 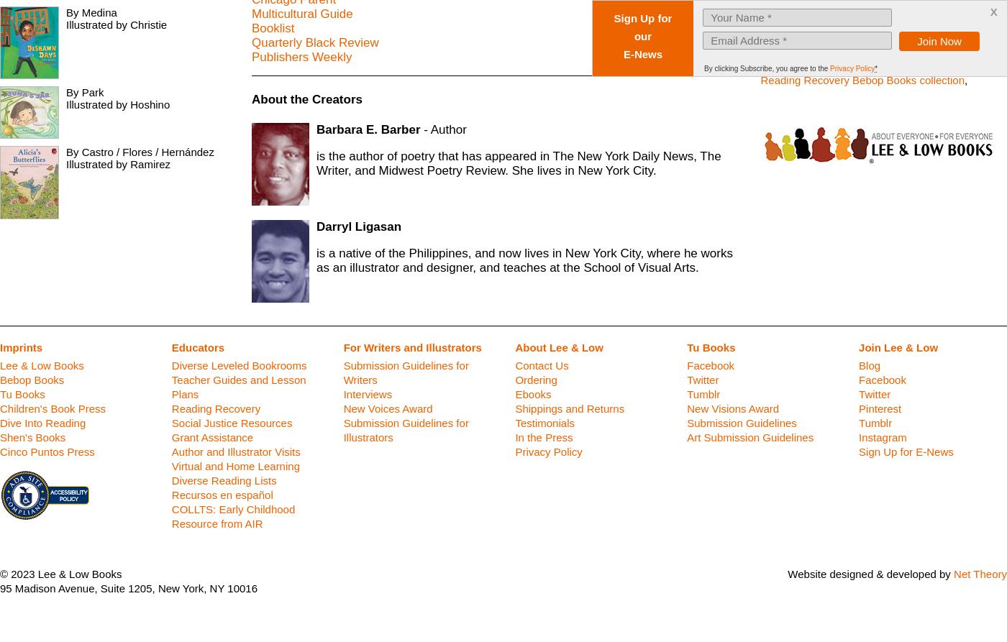 I want to click on 'About Lee & Low', so click(x=559, y=347).